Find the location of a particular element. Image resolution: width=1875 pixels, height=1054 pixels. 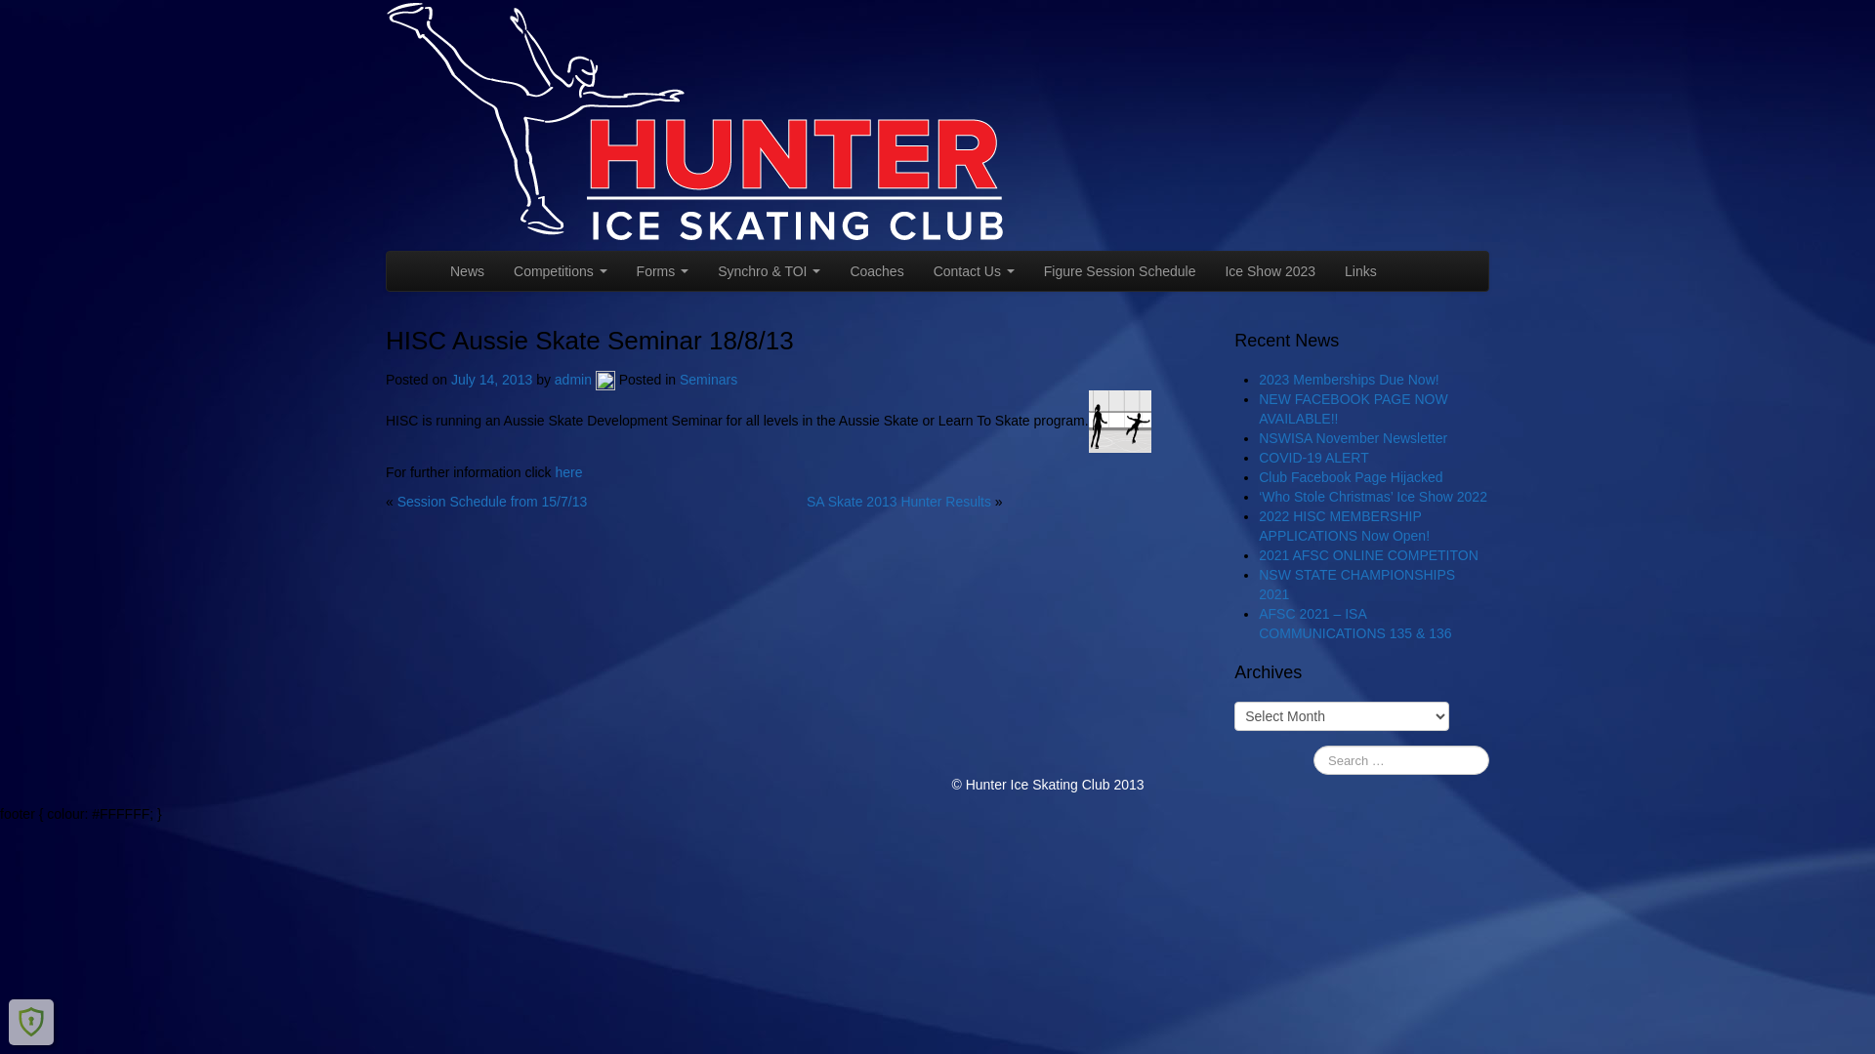

'View all posts by admin' is located at coordinates (604, 380).